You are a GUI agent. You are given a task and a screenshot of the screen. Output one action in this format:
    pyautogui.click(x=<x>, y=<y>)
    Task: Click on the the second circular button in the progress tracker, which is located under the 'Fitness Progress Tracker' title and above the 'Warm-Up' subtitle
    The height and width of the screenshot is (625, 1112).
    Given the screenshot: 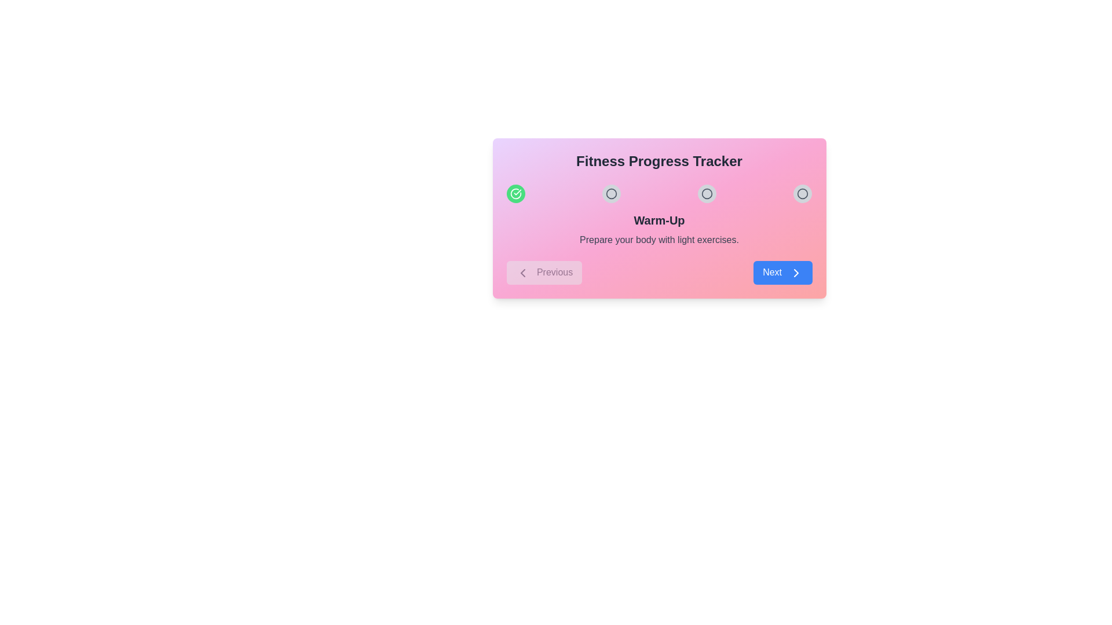 What is the action you would take?
    pyautogui.click(x=610, y=193)
    